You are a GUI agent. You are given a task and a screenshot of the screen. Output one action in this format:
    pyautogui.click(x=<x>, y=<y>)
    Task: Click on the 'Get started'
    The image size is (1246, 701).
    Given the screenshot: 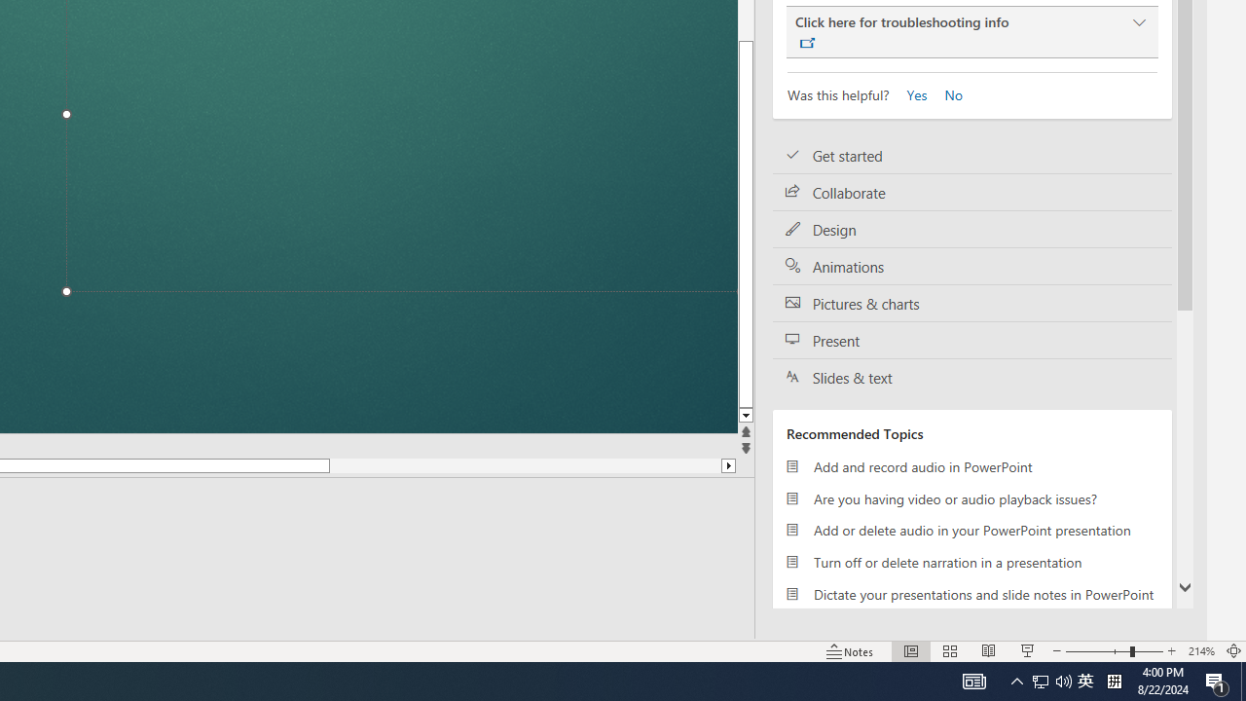 What is the action you would take?
    pyautogui.click(x=972, y=155)
    